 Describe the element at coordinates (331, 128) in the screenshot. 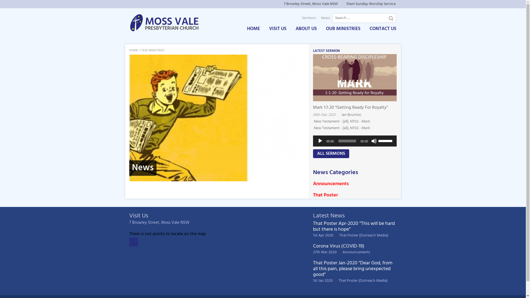

I see `'New Testament - (all)'` at that location.